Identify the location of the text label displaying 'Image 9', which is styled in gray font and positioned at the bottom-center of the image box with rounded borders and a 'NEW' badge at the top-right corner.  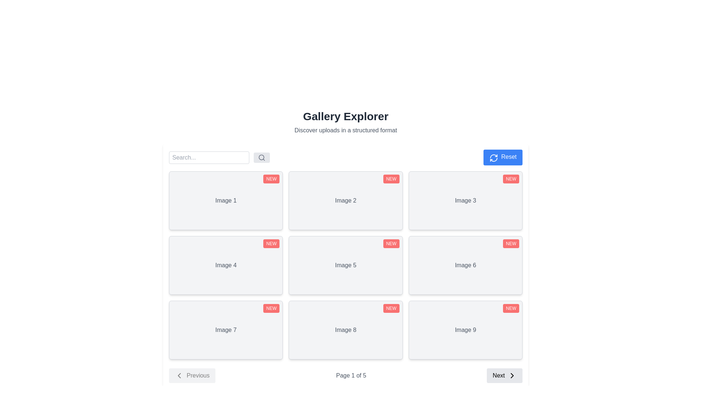
(465, 330).